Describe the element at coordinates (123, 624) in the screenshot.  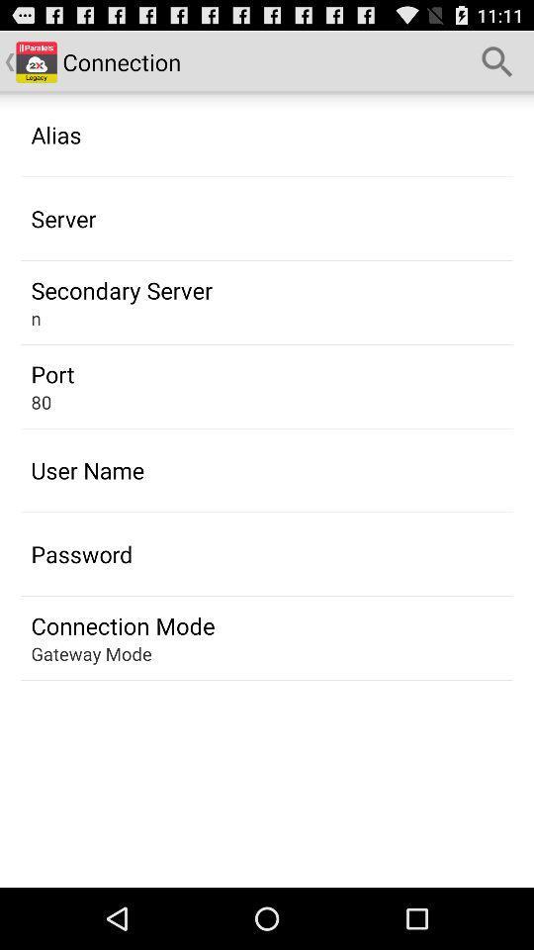
I see `app below password` at that location.